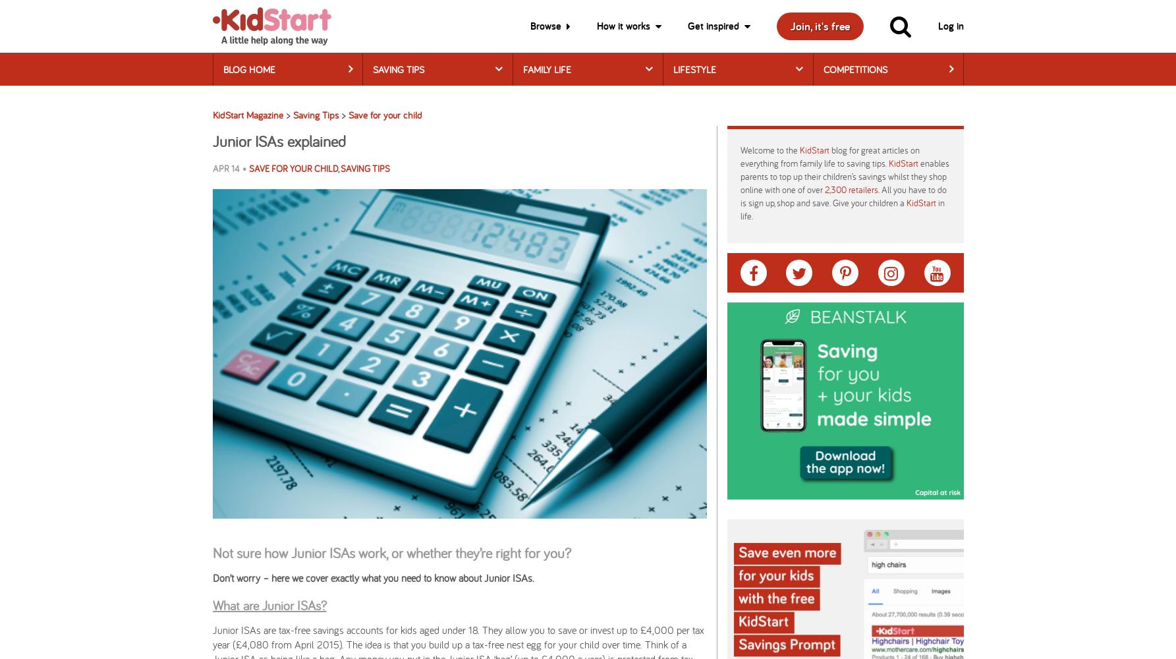  I want to click on '. All you have to do is sign up, shop and save. Give your children a', so click(739, 196).